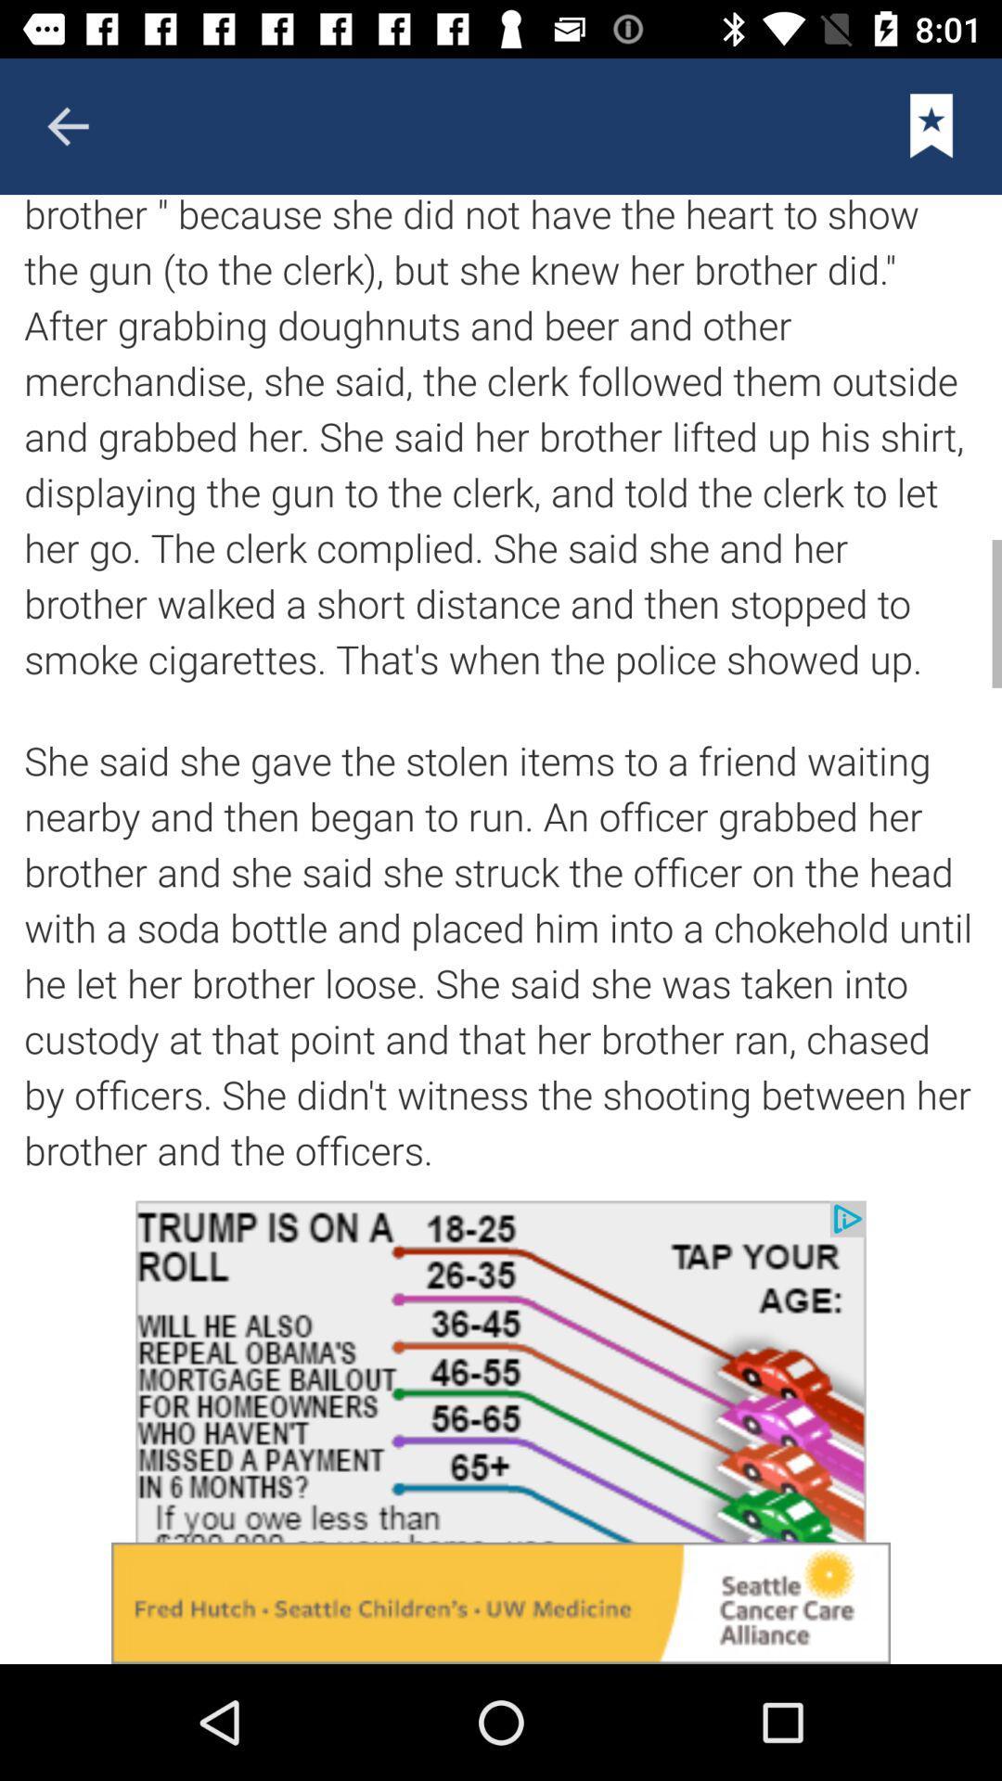 The height and width of the screenshot is (1781, 1002). I want to click on previous, so click(67, 125).